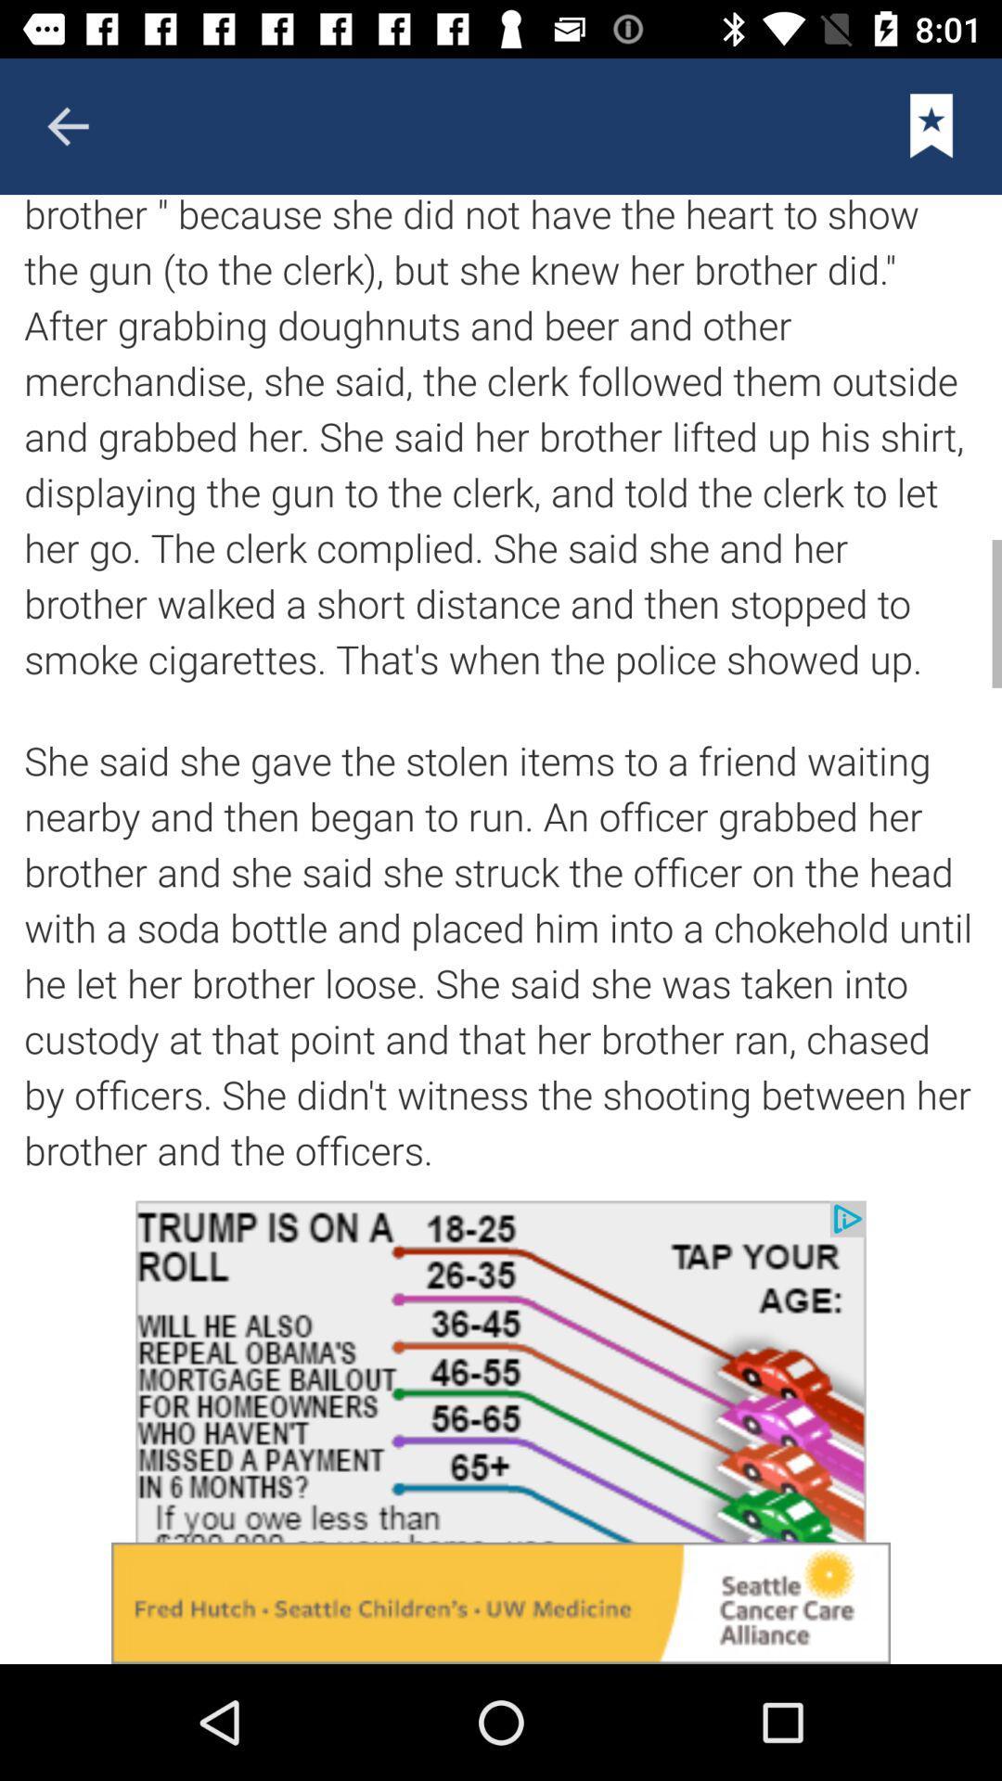 The height and width of the screenshot is (1781, 1002). I want to click on previous, so click(67, 125).